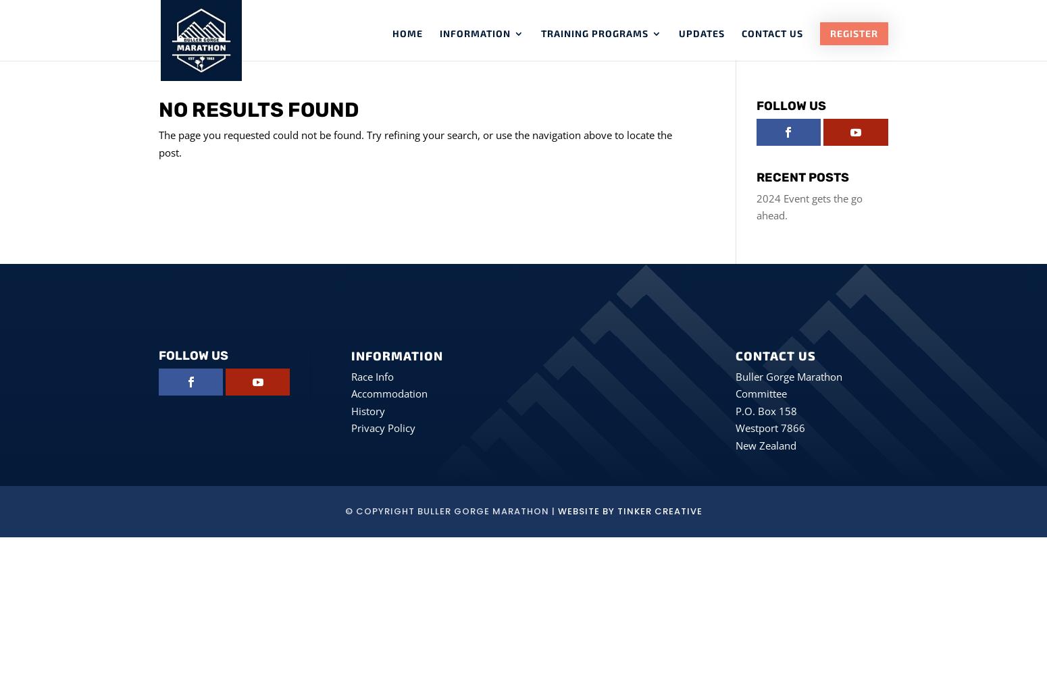  What do you see at coordinates (488, 170) in the screenshot?
I see `'Results'` at bounding box center [488, 170].